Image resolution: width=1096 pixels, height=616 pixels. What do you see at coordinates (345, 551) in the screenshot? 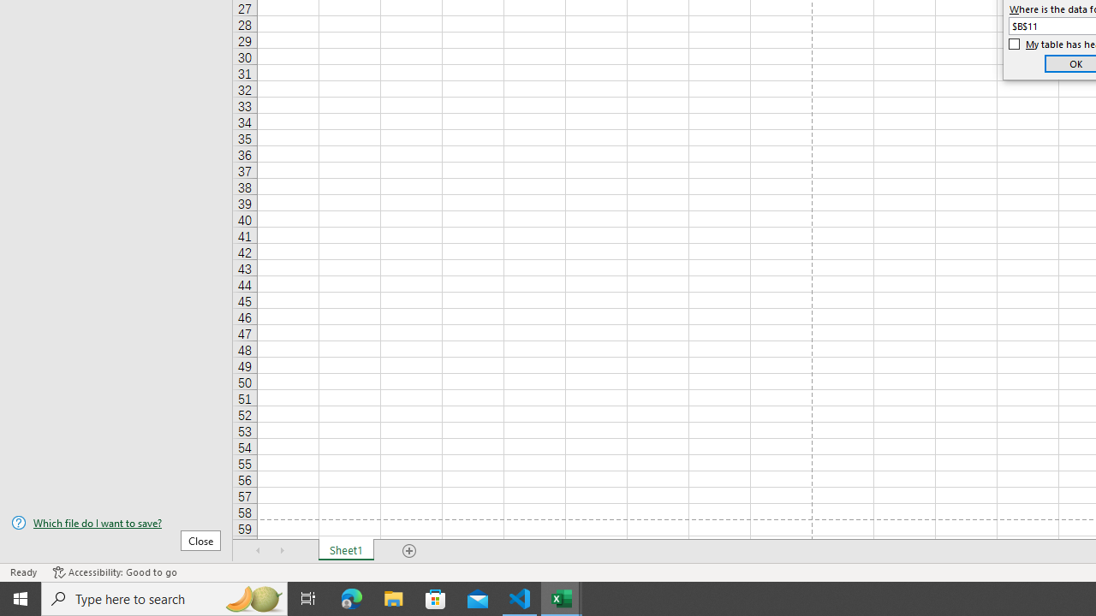
I see `'Sheet1'` at bounding box center [345, 551].